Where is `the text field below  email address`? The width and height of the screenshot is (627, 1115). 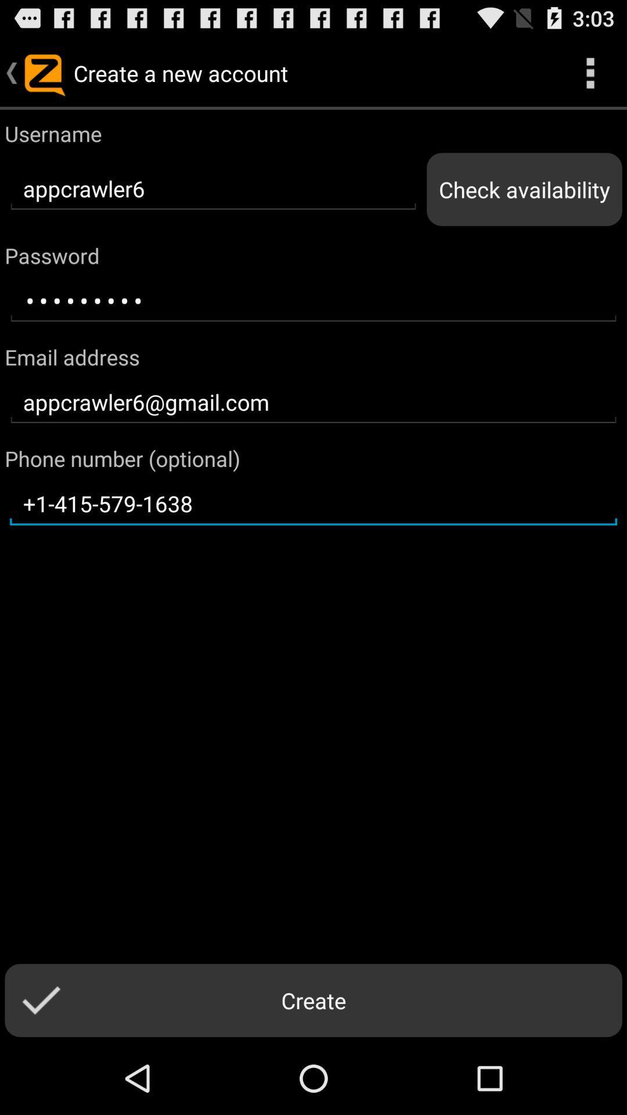 the text field below  email address is located at coordinates (313, 402).